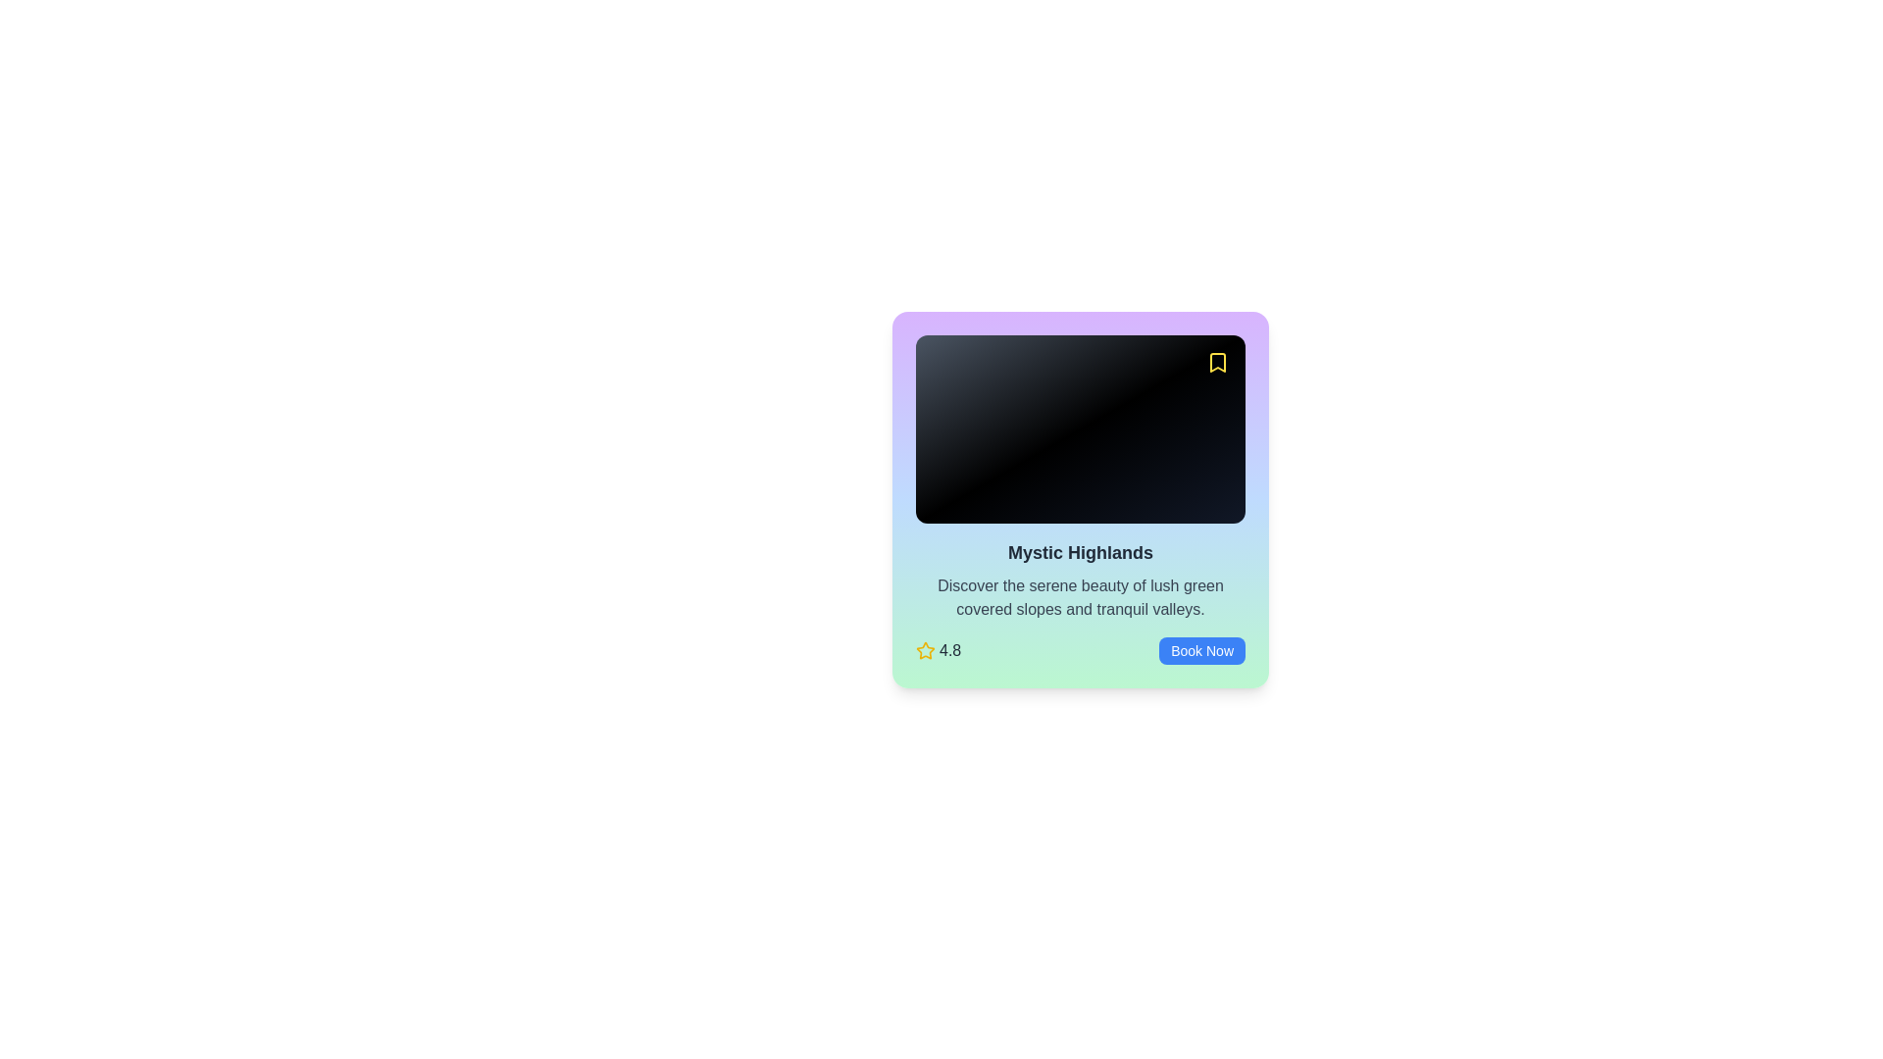 This screenshot has height=1059, width=1883. Describe the element at coordinates (950, 650) in the screenshot. I see `the text component displaying the value '4.8' in grey color, located at the bottom-left corner of a card next to a star icon` at that location.